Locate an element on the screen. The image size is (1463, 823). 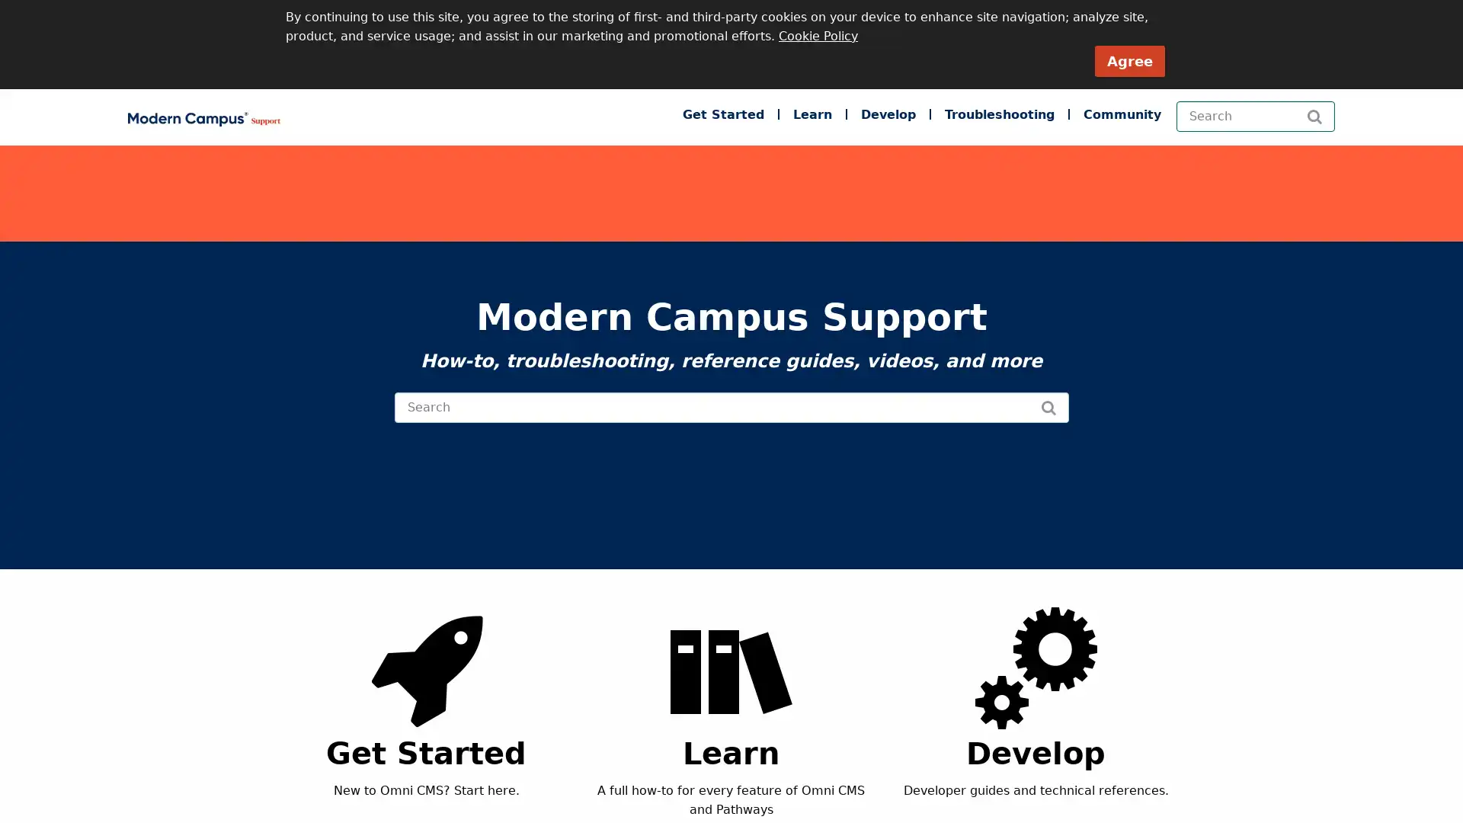
Agree is located at coordinates (1130, 60).